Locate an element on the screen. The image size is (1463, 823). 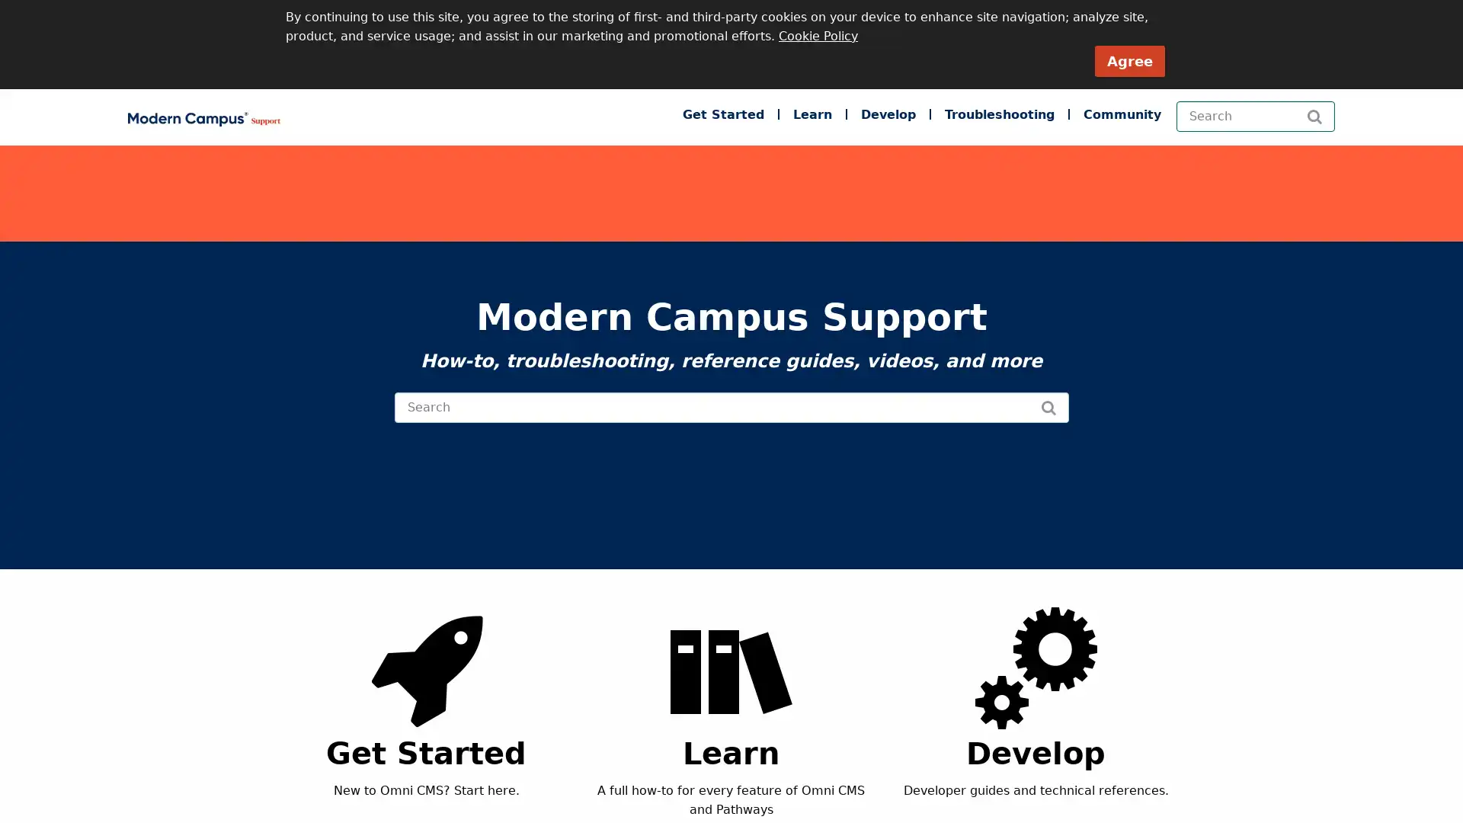
Agree is located at coordinates (1130, 60).